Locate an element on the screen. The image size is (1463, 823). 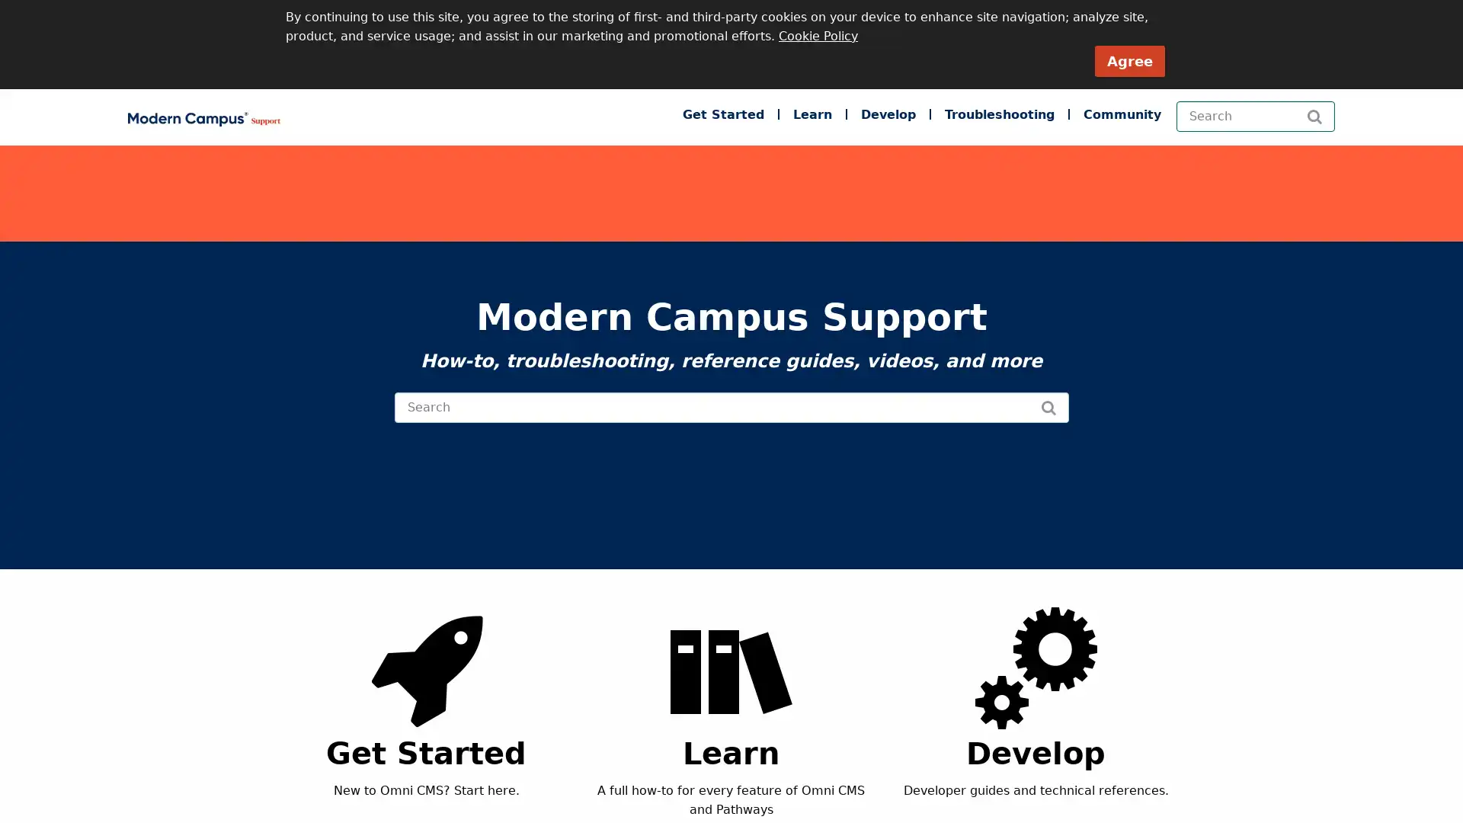
Agree is located at coordinates (1130, 60).